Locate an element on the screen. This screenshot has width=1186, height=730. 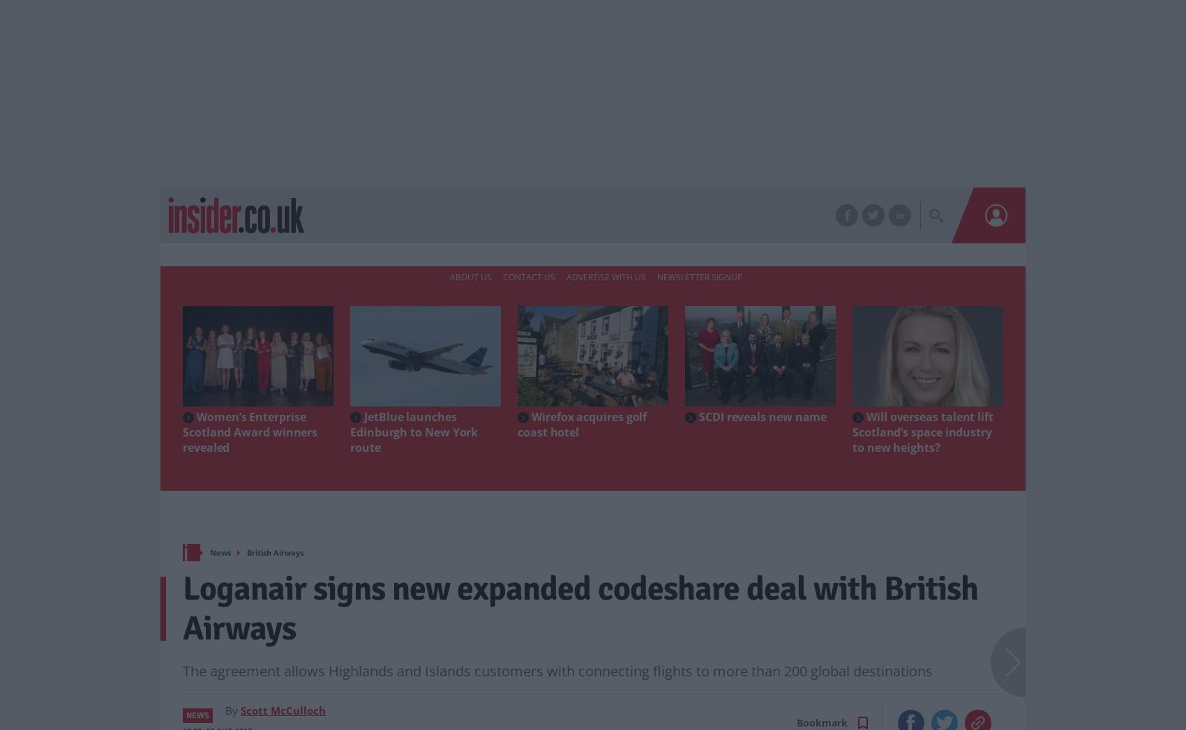
'Contact Us' is located at coordinates (527, 276).